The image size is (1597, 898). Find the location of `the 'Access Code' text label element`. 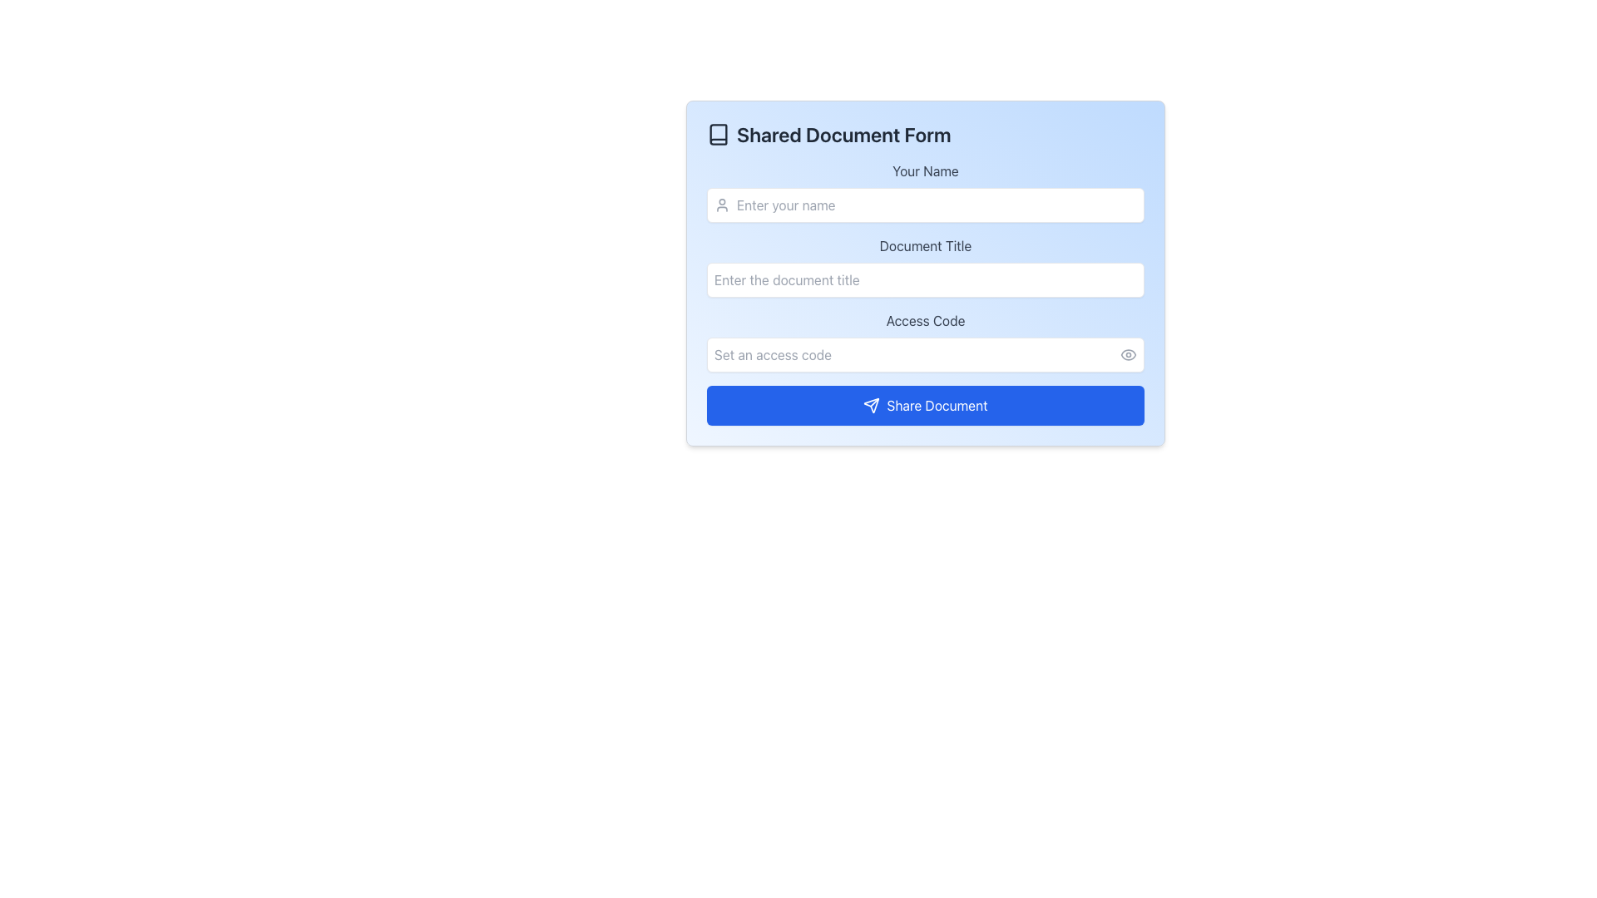

the 'Access Code' text label element is located at coordinates (925, 320).